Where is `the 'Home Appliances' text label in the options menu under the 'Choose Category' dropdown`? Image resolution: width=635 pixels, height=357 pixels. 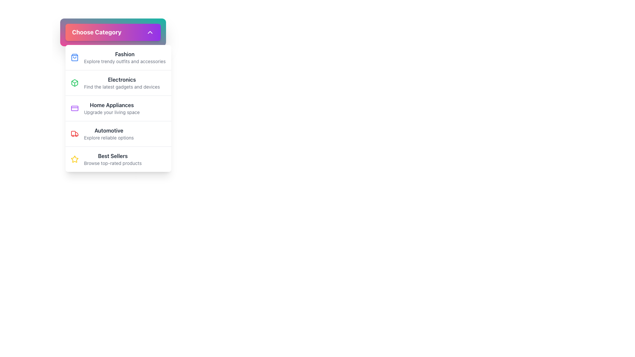
the 'Home Appliances' text label in the options menu under the 'Choose Category' dropdown is located at coordinates (112, 104).